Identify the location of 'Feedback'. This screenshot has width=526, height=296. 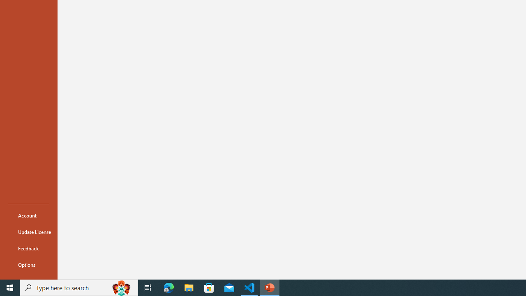
(28, 248).